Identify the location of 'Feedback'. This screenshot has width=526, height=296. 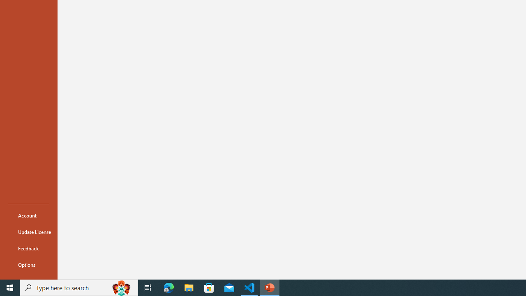
(28, 248).